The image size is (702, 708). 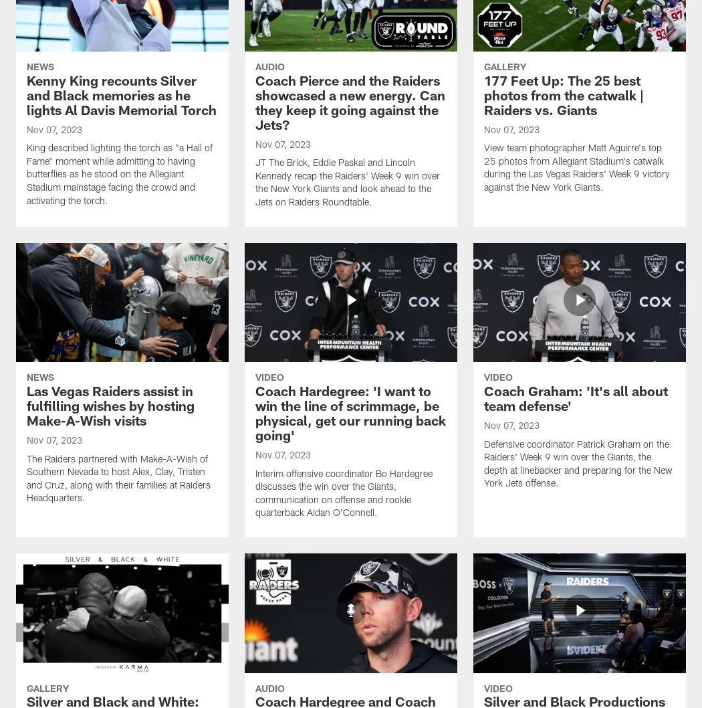 I want to click on '177 Feet Up: The 25 best photos from the catwalk | Raiders vs. Giants', so click(x=564, y=96).